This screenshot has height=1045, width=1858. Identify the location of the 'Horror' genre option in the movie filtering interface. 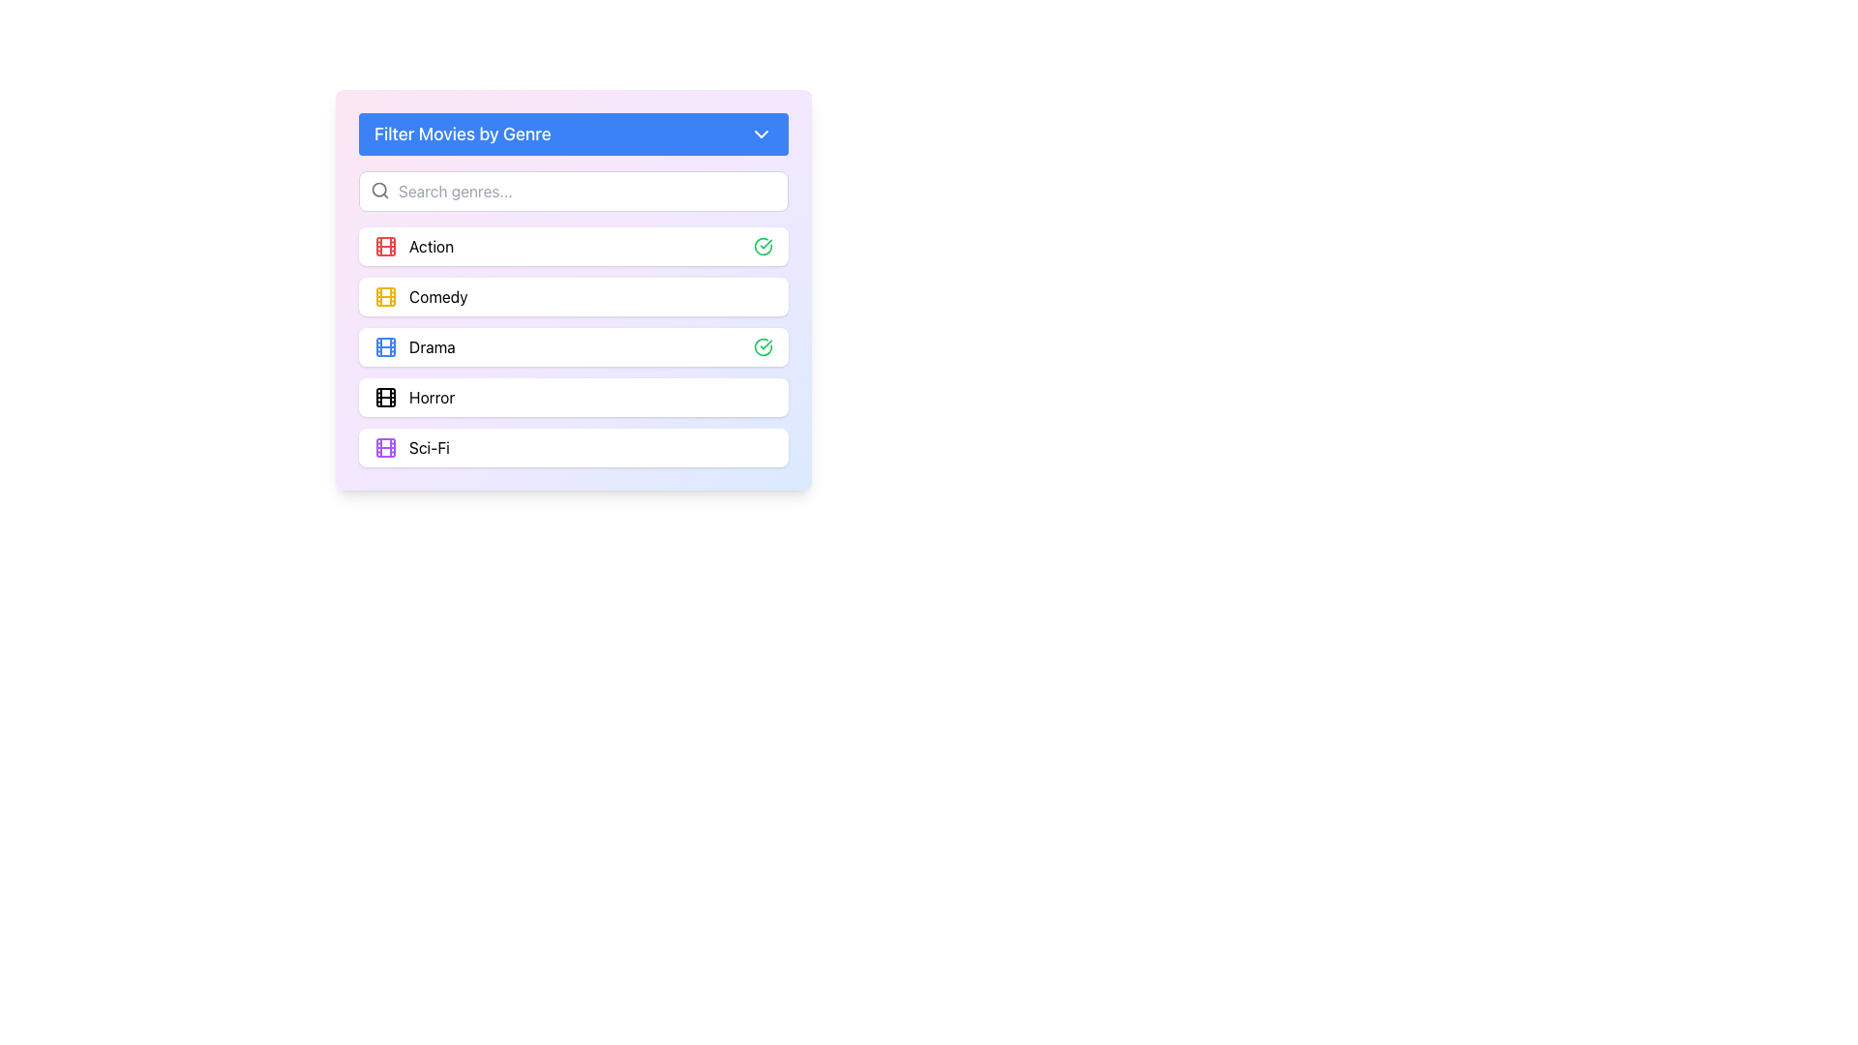
(413, 397).